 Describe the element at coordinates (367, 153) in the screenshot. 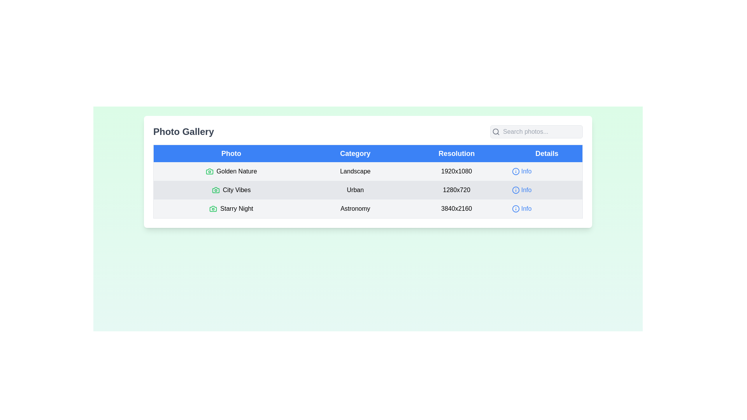

I see `the header row of the table, specifically the 'Category' text, which is part of a rectangular blue bar with white bold text` at that location.